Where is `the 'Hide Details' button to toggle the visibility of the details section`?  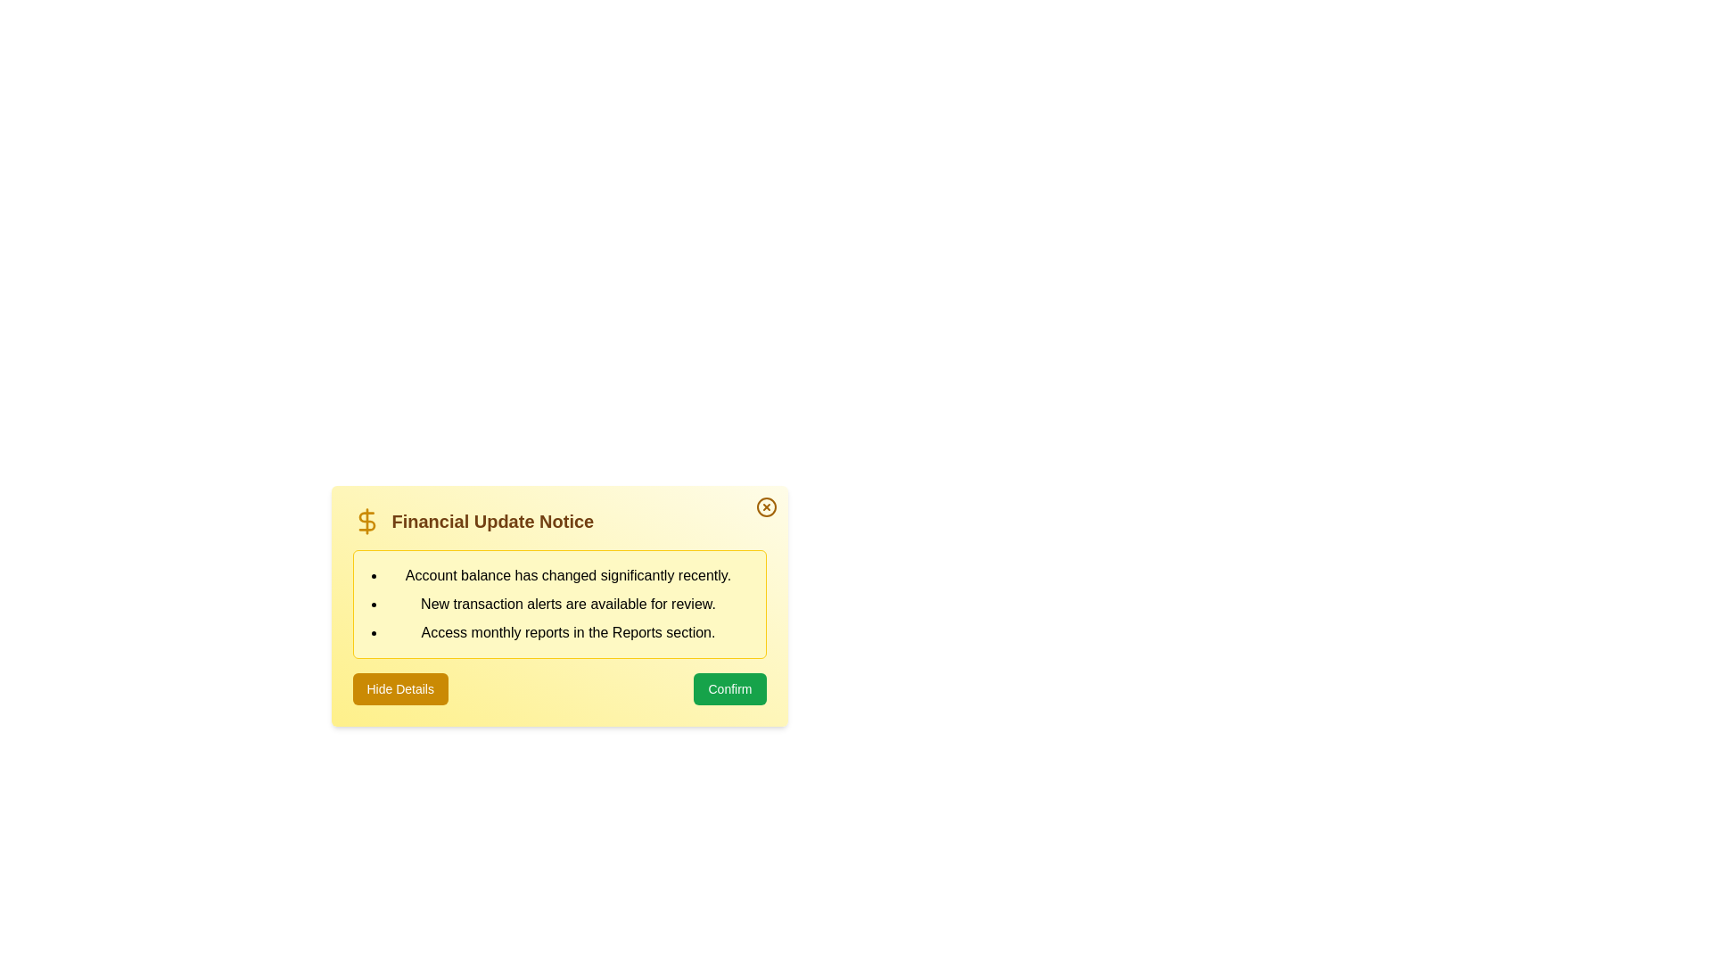 the 'Hide Details' button to toggle the visibility of the details section is located at coordinates (399, 687).